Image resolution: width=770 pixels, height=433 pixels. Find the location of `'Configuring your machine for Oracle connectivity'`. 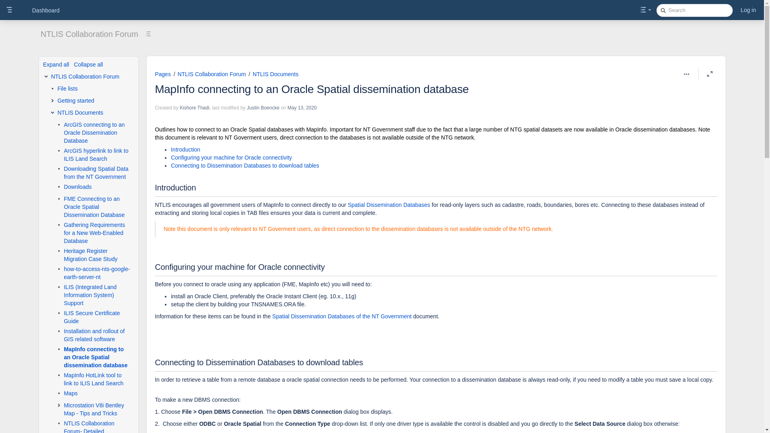

'Configuring your machine for Oracle connectivity' is located at coordinates (231, 158).